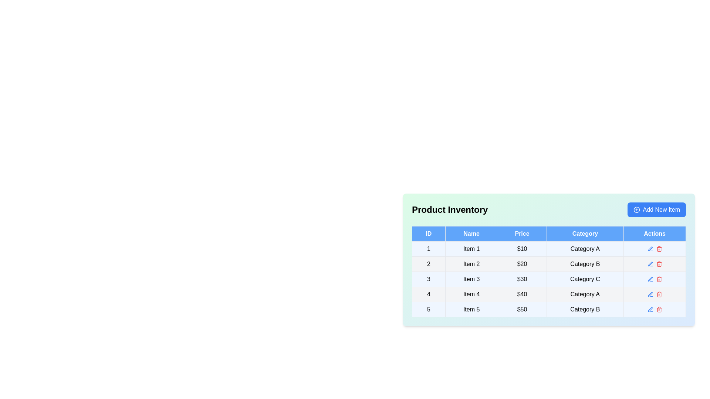 The width and height of the screenshot is (710, 399). I want to click on the static text label displaying the value '$50' in the 'Price' column of the table, specifically in the fifth row for 'Item 5', so click(521, 309).